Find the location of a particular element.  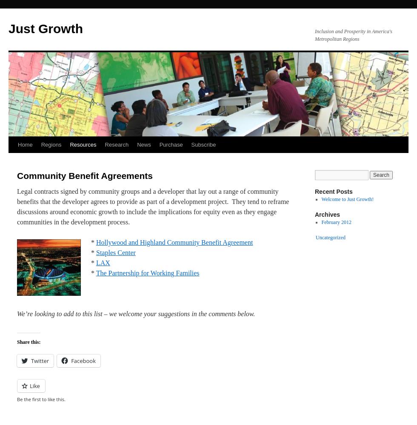

'The Partnership for Working Families' is located at coordinates (147, 273).